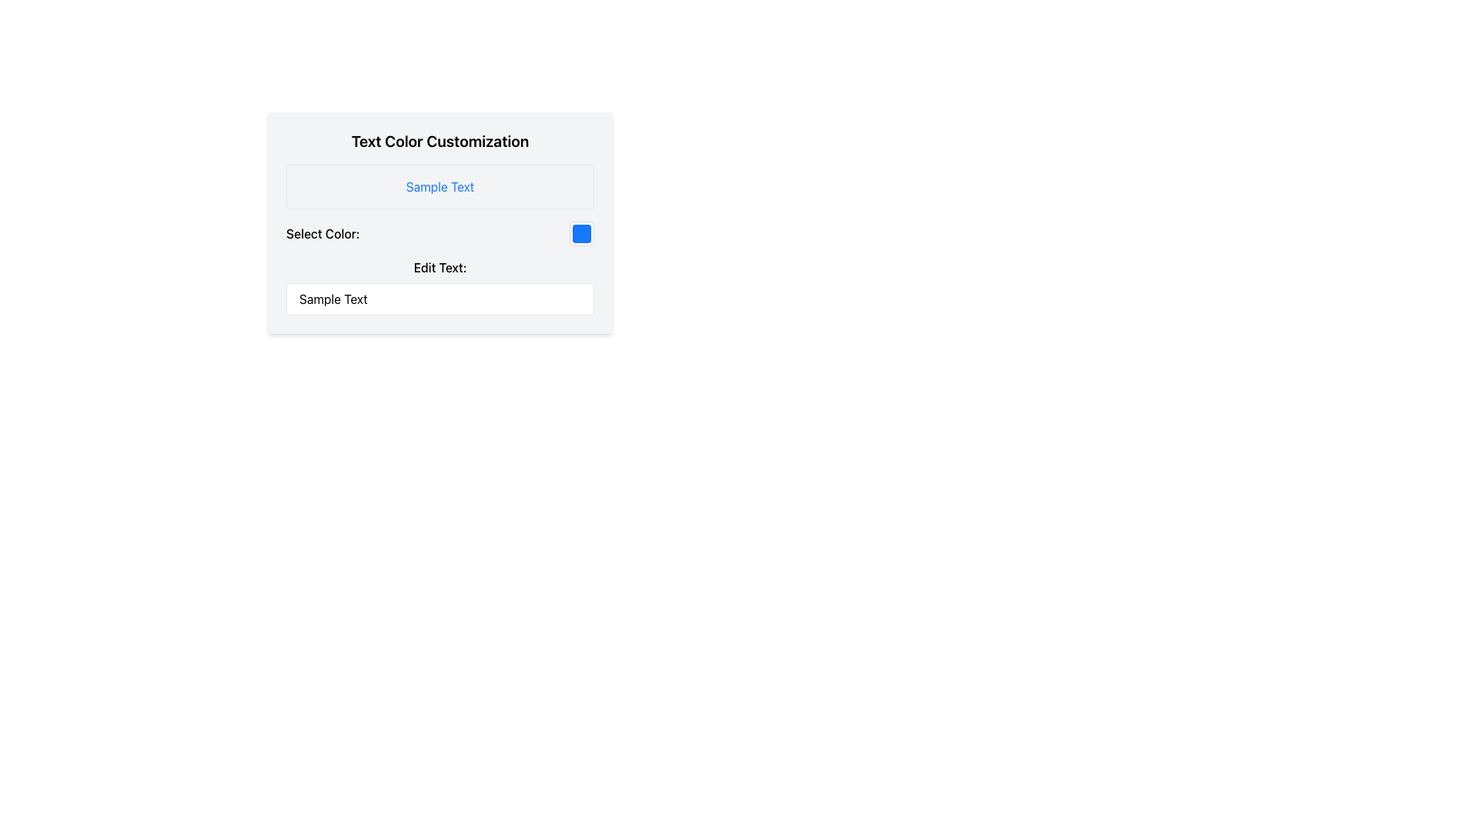 The width and height of the screenshot is (1478, 831). What do you see at coordinates (439, 186) in the screenshot?
I see `the Text Display Area that contains the text 'Sample Text' in a blue font color, which is positioned under the title 'Text Color Customization'` at bounding box center [439, 186].